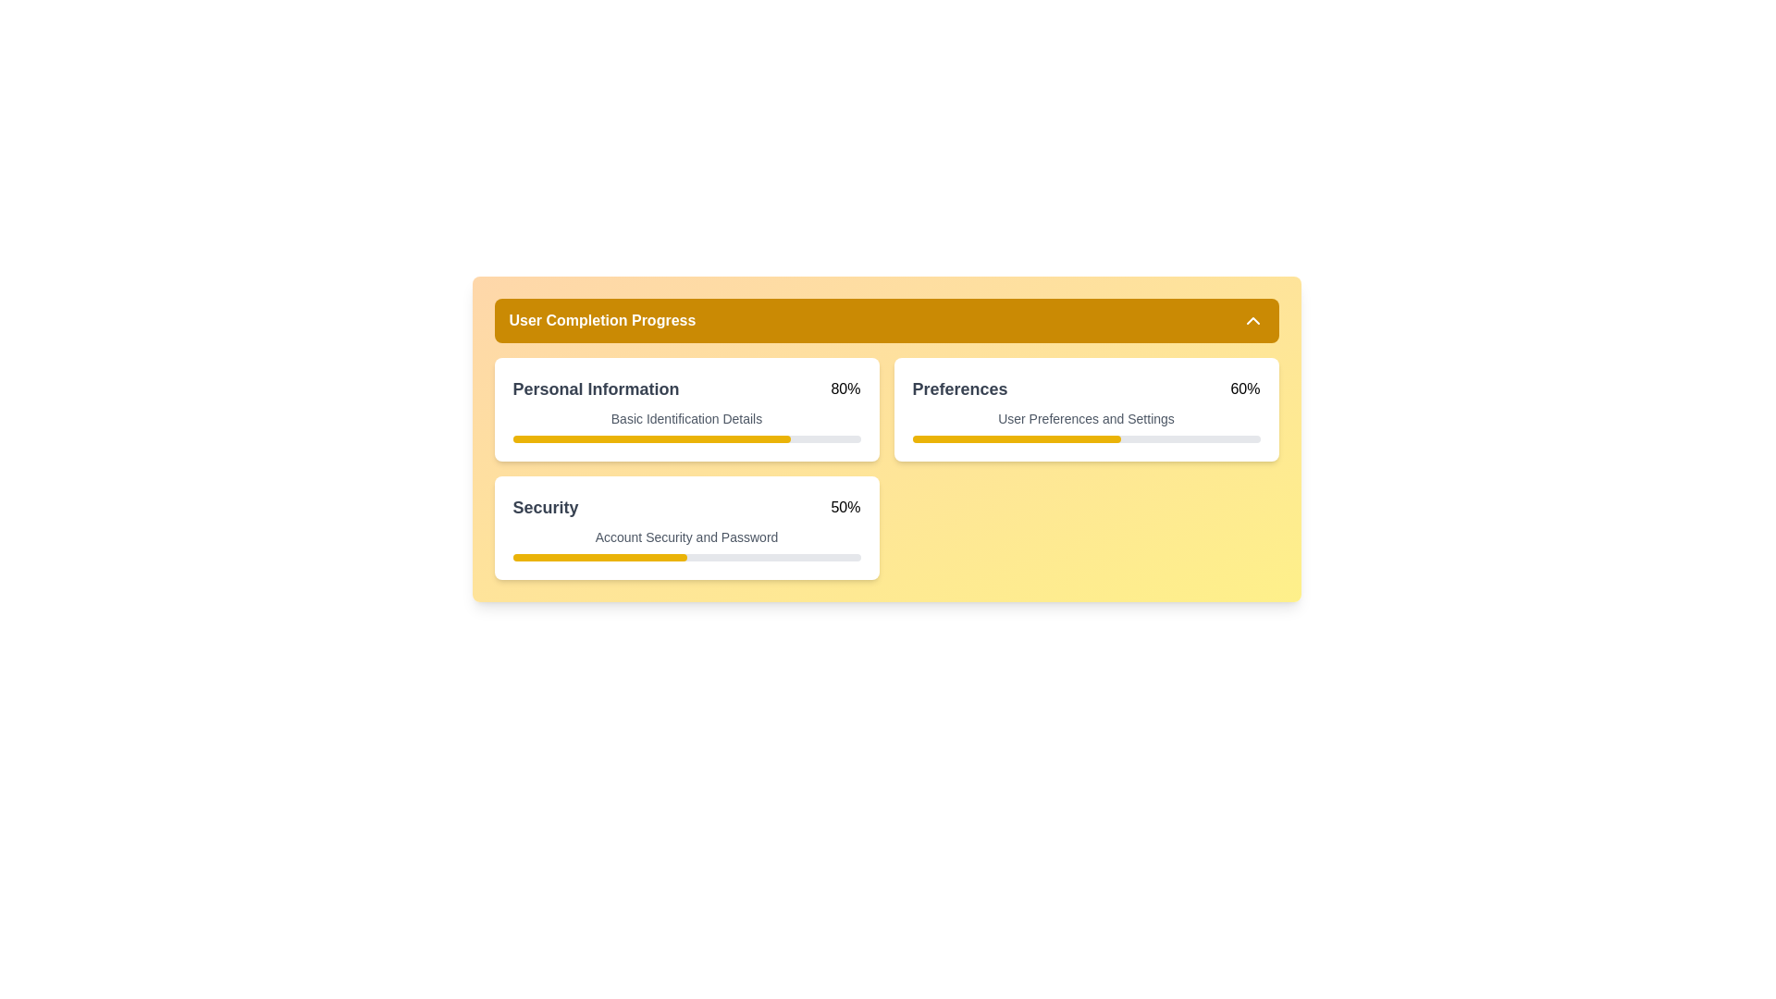 The width and height of the screenshot is (1776, 999). What do you see at coordinates (959, 388) in the screenshot?
I see `the Text Label indicating 'Preferences' in the top-right section of the UI, which is adjacent to 'Personal Information'` at bounding box center [959, 388].